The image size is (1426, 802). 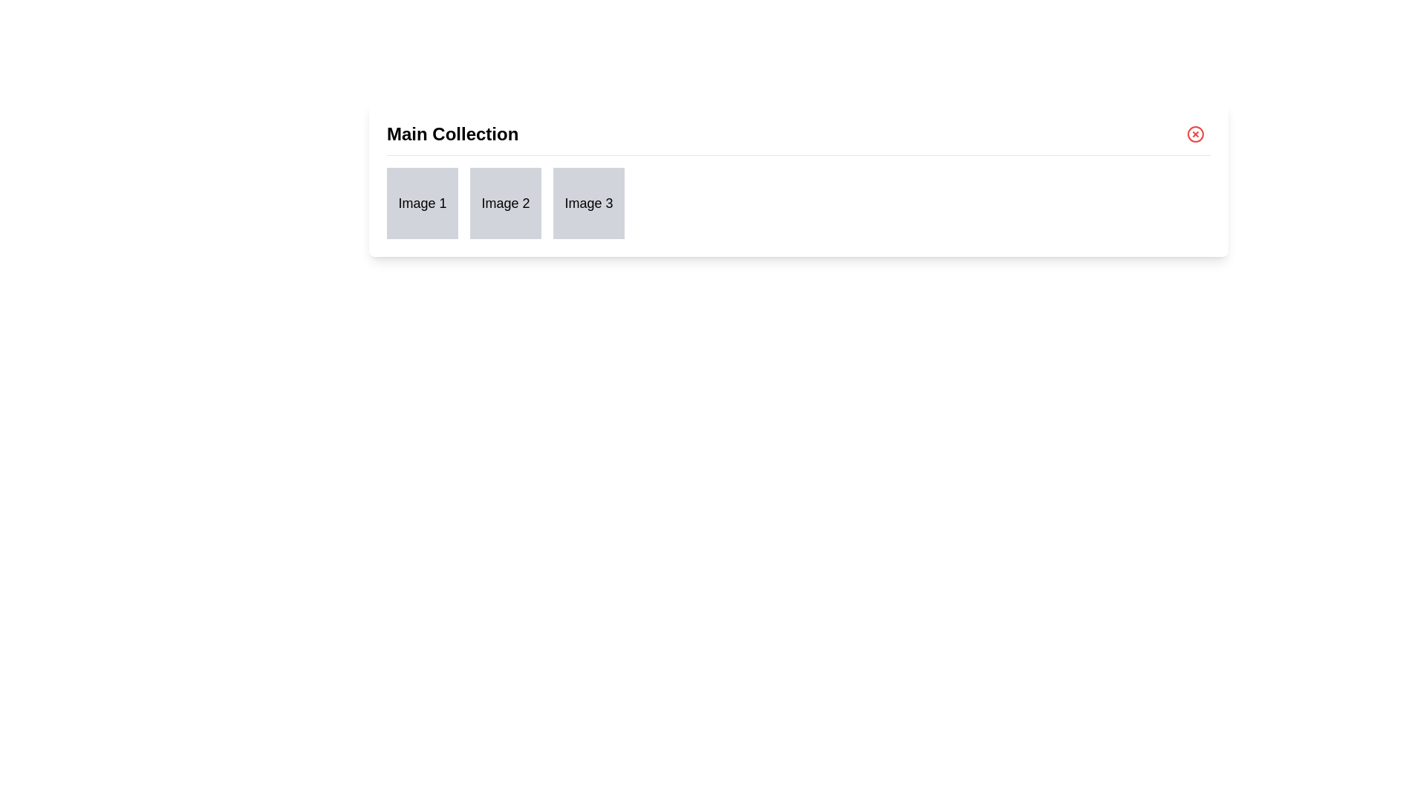 What do you see at coordinates (587, 203) in the screenshot?
I see `the third button in the horizontal row below the 'Main Collection' heading` at bounding box center [587, 203].